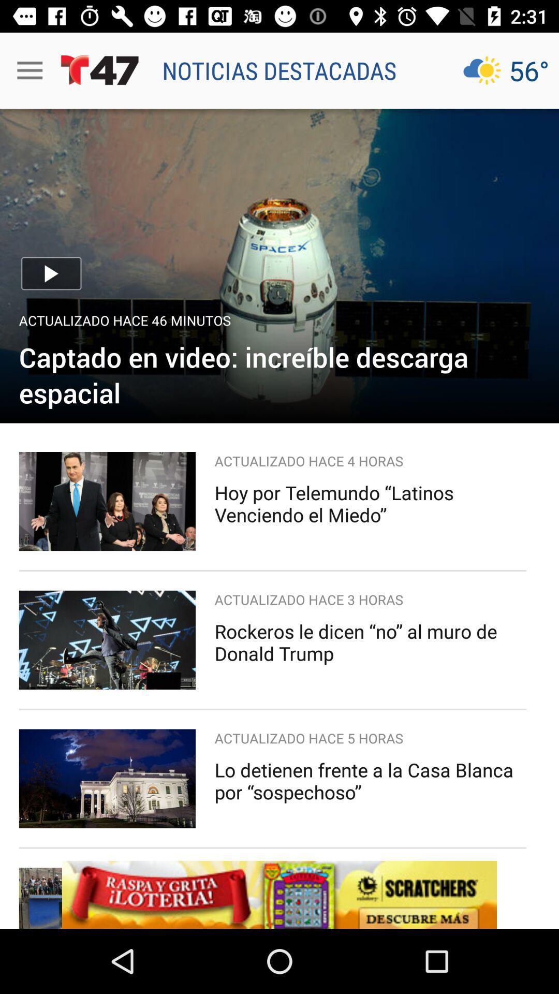 Image resolution: width=559 pixels, height=994 pixels. What do you see at coordinates (100, 70) in the screenshot?
I see `the image which is to the left side of the noticias destacadas` at bounding box center [100, 70].